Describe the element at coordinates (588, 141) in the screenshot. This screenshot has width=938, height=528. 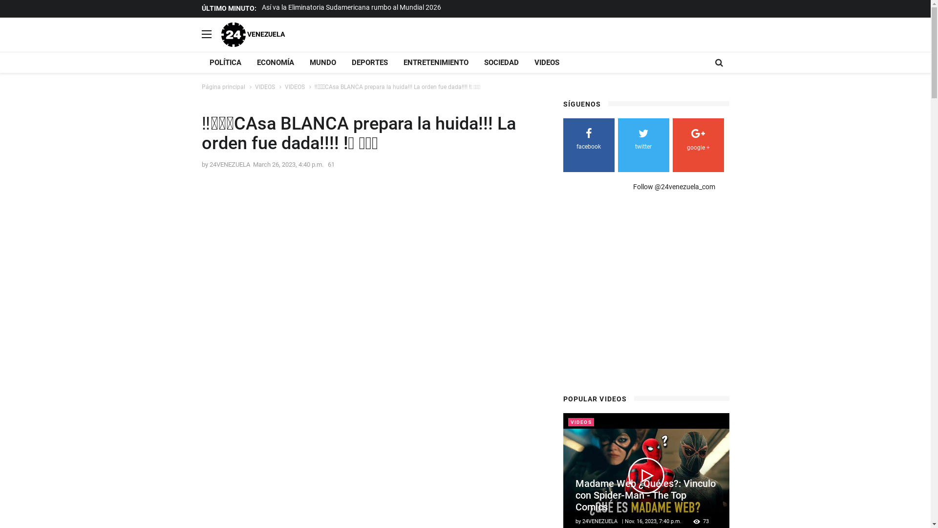
I see `'facebook'` at that location.